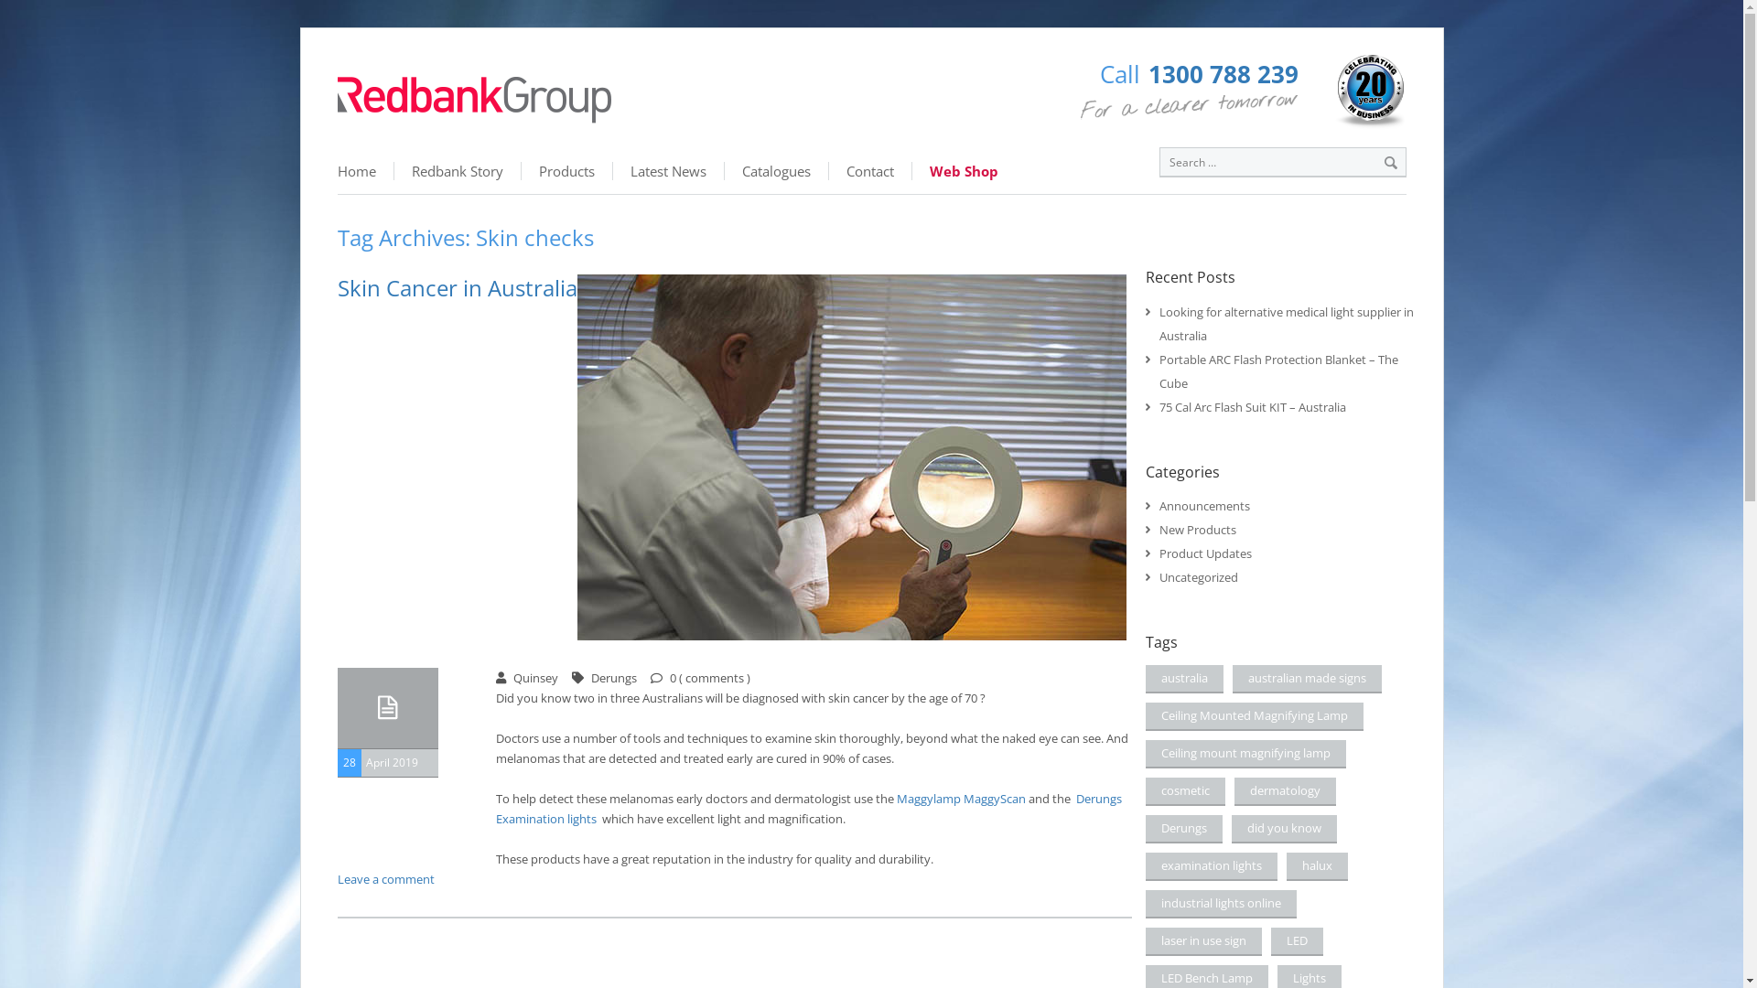 The width and height of the screenshot is (1757, 988). I want to click on 'Catalogues', so click(777, 170).